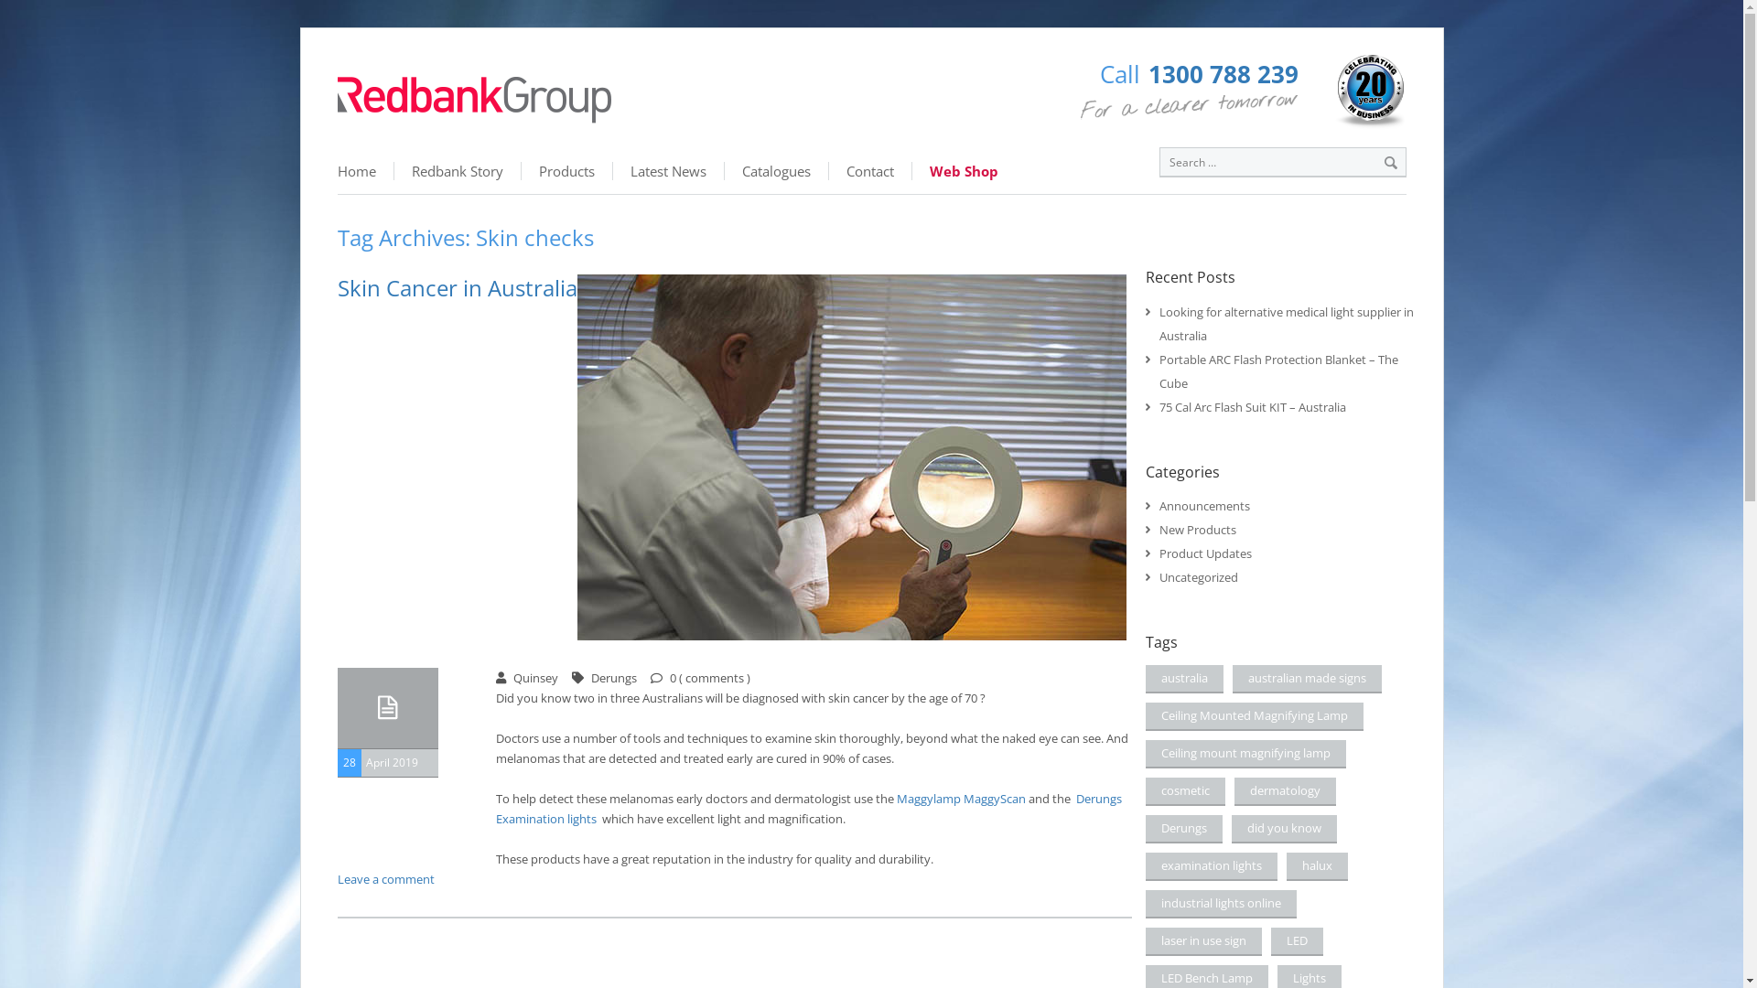 The width and height of the screenshot is (1757, 988). I want to click on 'Catalogues', so click(777, 170).